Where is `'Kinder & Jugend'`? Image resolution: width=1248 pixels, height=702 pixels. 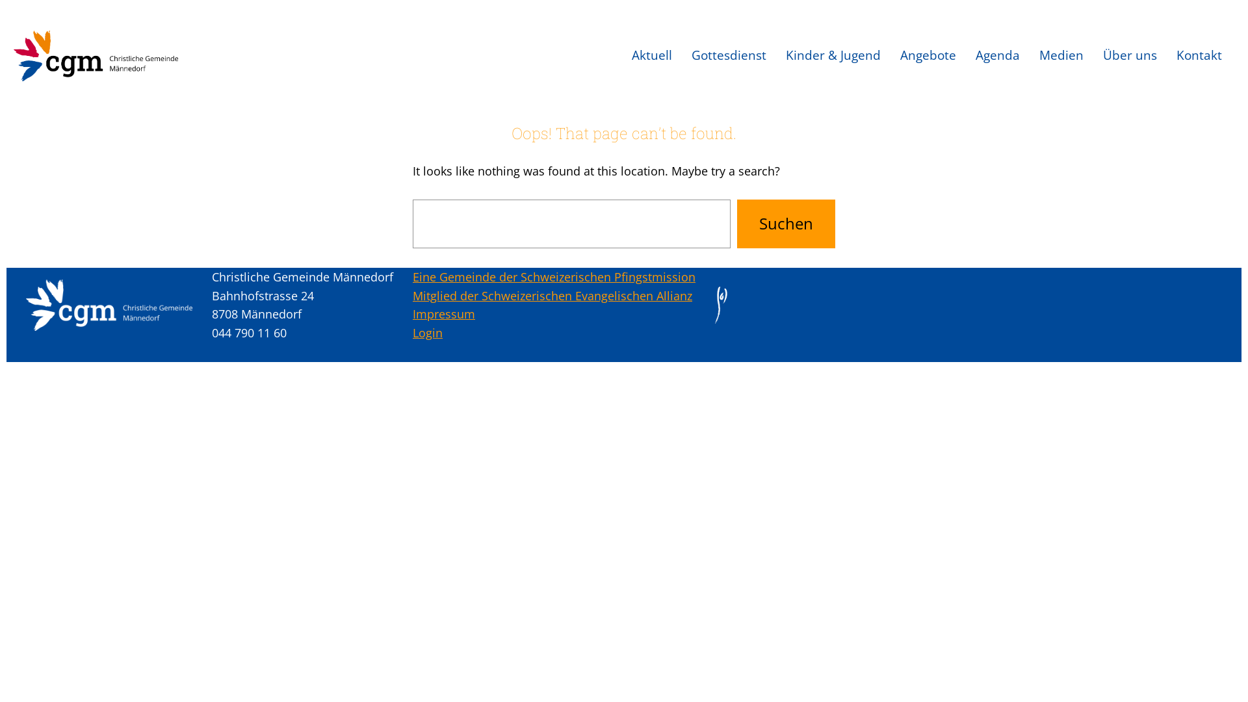 'Kinder & Jugend' is located at coordinates (833, 55).